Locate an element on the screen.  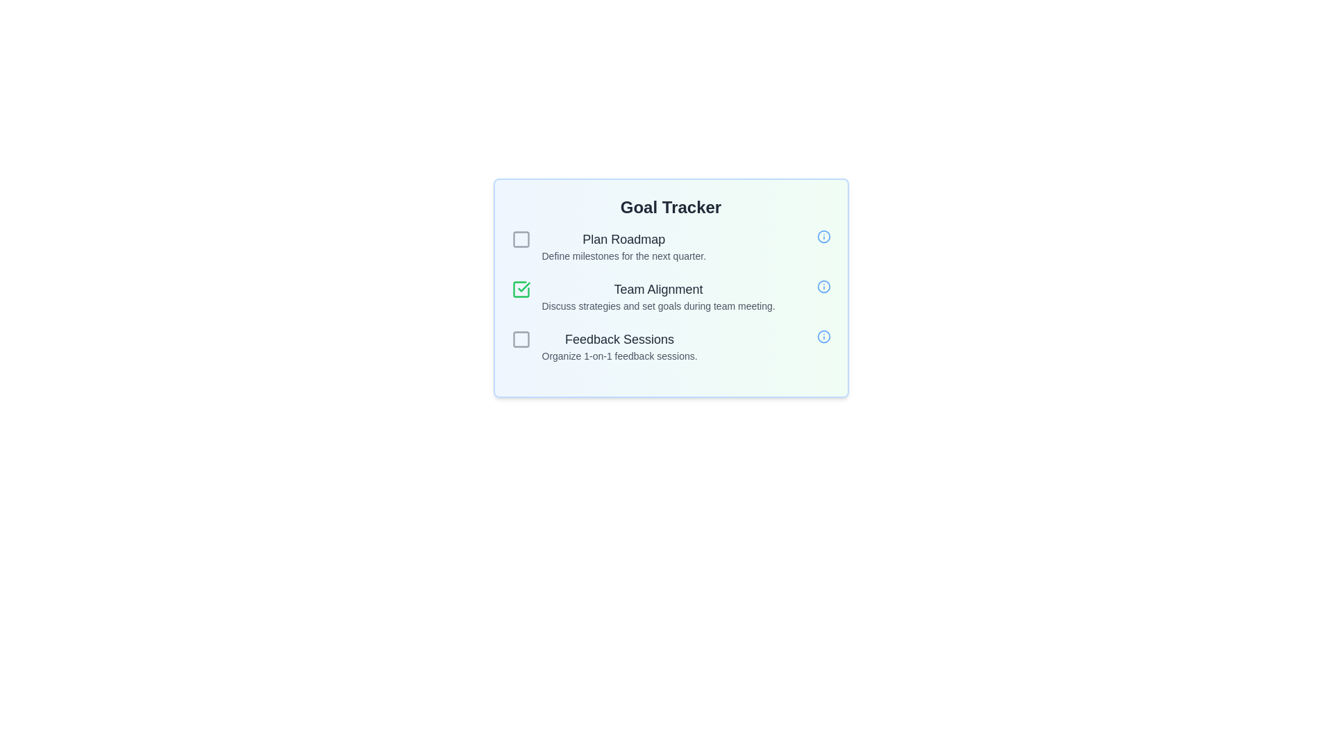
the light-gray rounded square checkbox located in the top-left position of the 'Plan Roadmap' list item is located at coordinates (520, 238).